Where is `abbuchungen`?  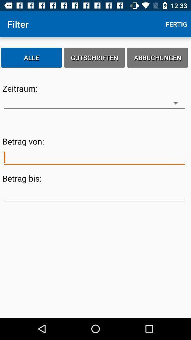
abbuchungen is located at coordinates (157, 57).